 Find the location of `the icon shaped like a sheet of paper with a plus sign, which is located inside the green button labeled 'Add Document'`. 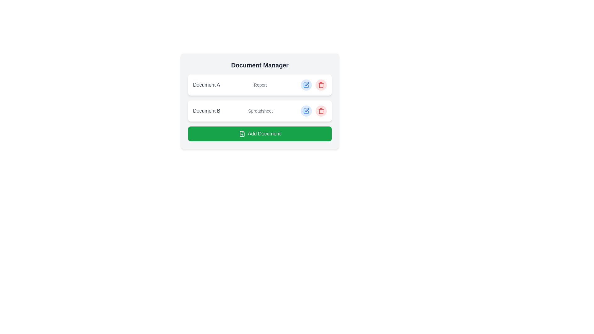

the icon shaped like a sheet of paper with a plus sign, which is located inside the green button labeled 'Add Document' is located at coordinates (242, 133).